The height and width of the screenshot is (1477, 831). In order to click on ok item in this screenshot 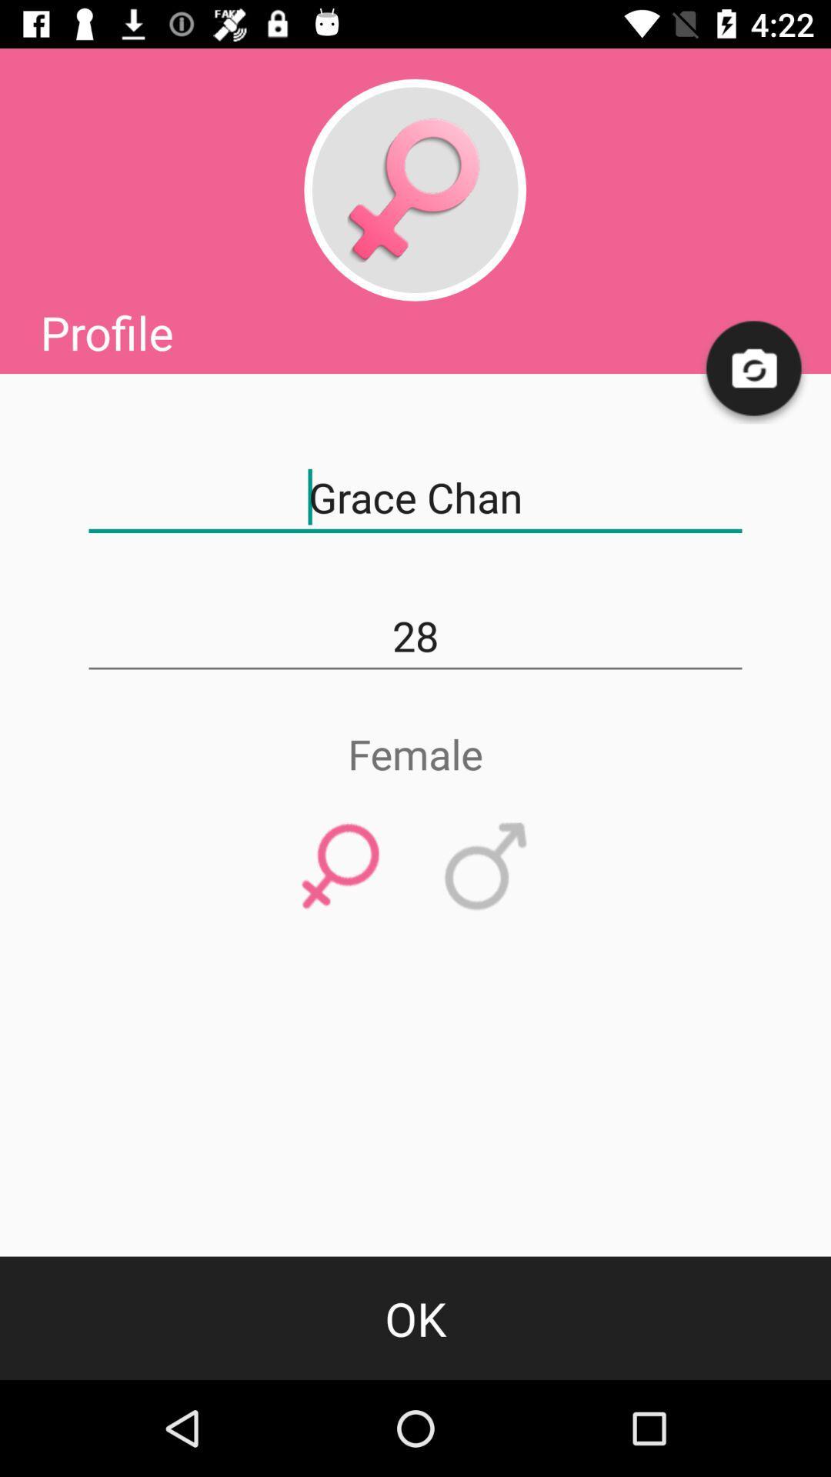, I will do `click(415, 1317)`.